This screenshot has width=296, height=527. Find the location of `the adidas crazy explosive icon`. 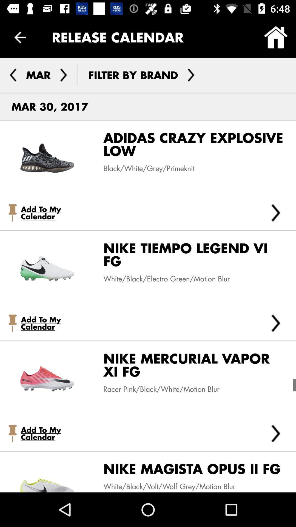

the adidas crazy explosive icon is located at coordinates (189, 146).